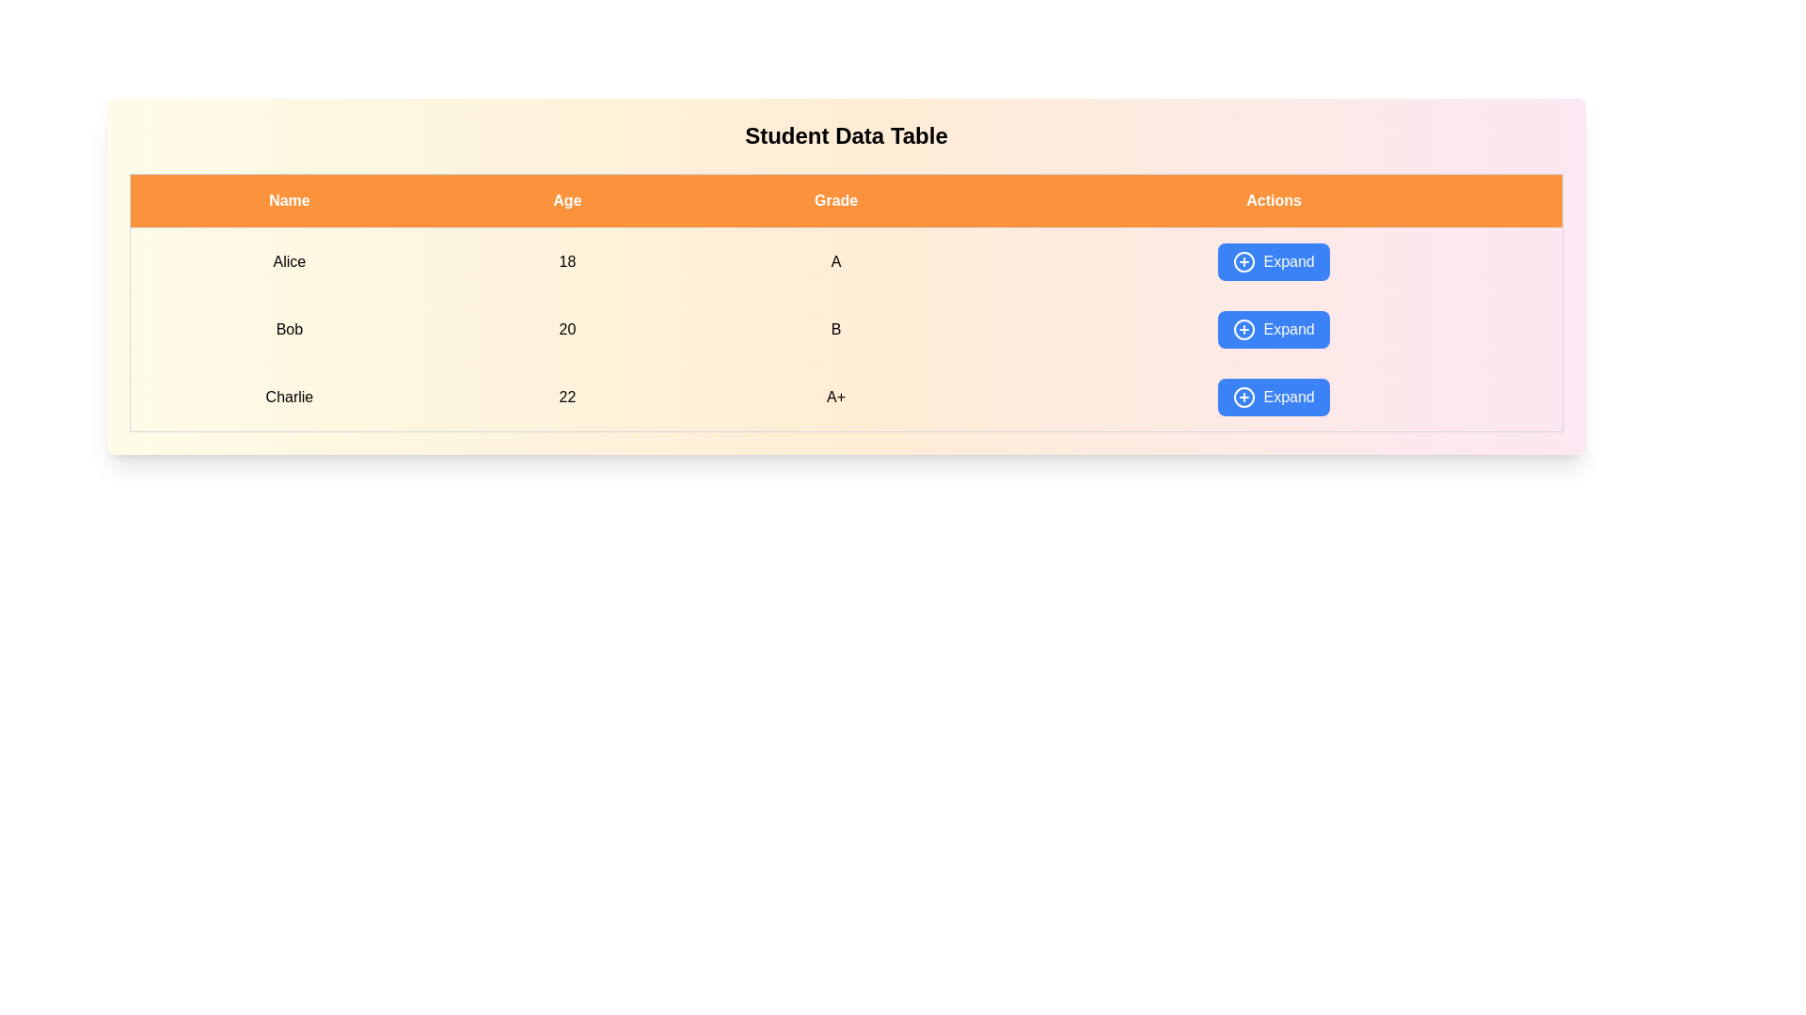 Image resolution: width=1806 pixels, height=1015 pixels. What do you see at coordinates (835, 200) in the screenshot?
I see `the 'Grade' column header in the table, which indicates the grades of the listed students` at bounding box center [835, 200].